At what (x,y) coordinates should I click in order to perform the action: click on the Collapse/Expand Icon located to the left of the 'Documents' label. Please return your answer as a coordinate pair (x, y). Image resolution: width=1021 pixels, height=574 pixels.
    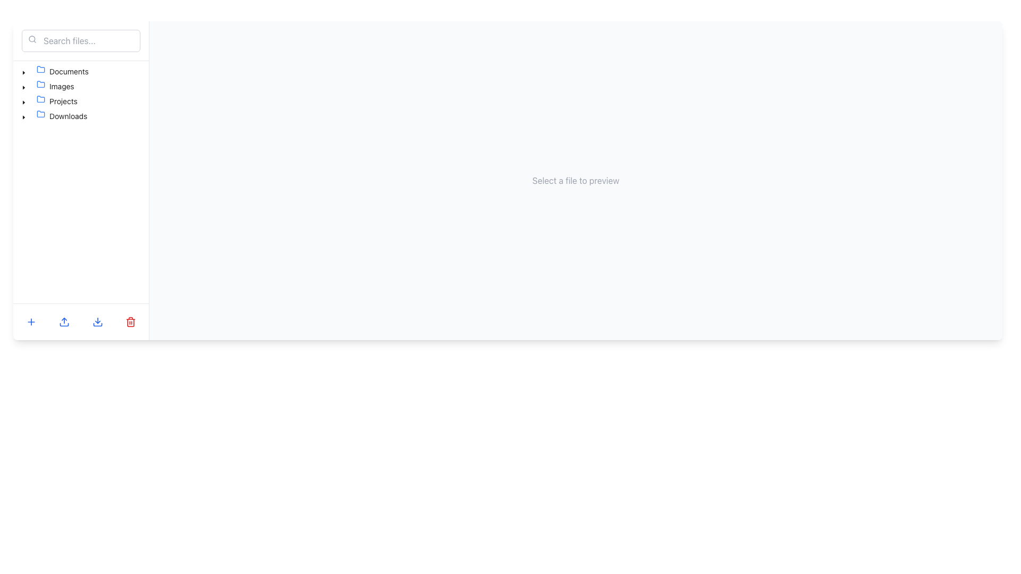
    Looking at the image, I should click on (23, 72).